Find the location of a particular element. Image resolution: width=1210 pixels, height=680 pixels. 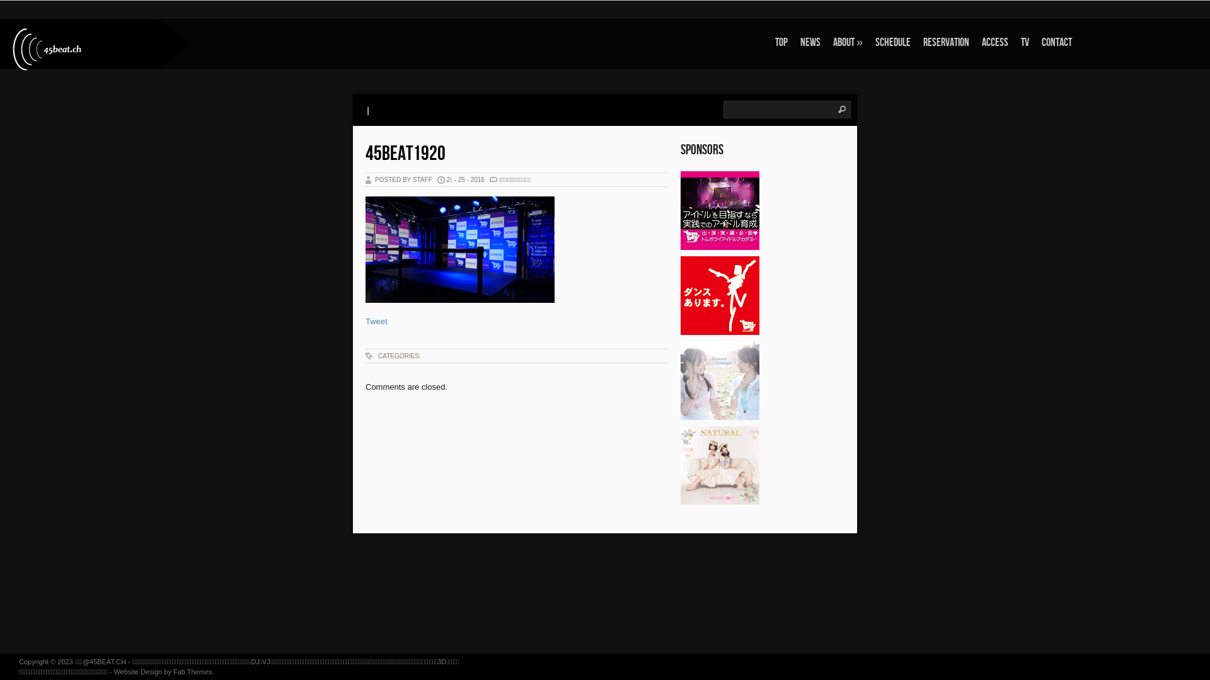

'Website Design' is located at coordinates (137, 671).